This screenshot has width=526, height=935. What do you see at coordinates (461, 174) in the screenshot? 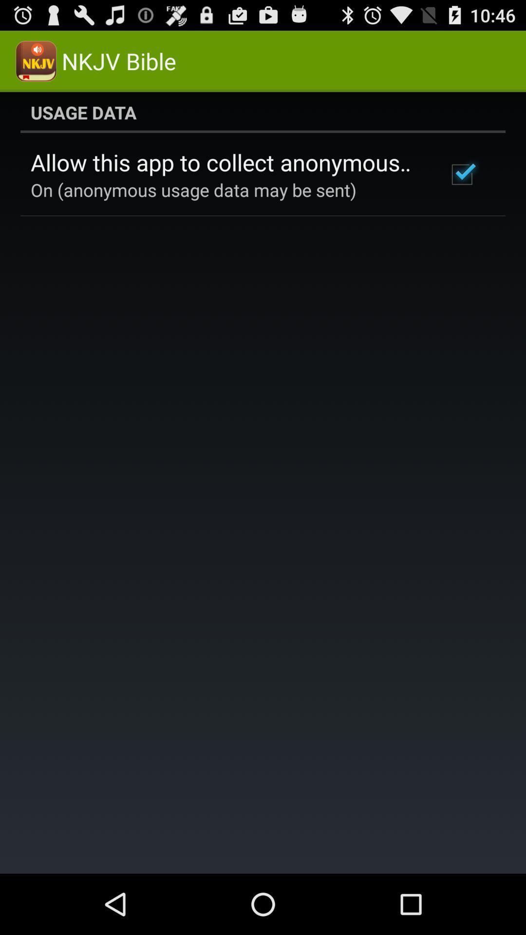
I see `app next to allow this app item` at bounding box center [461, 174].